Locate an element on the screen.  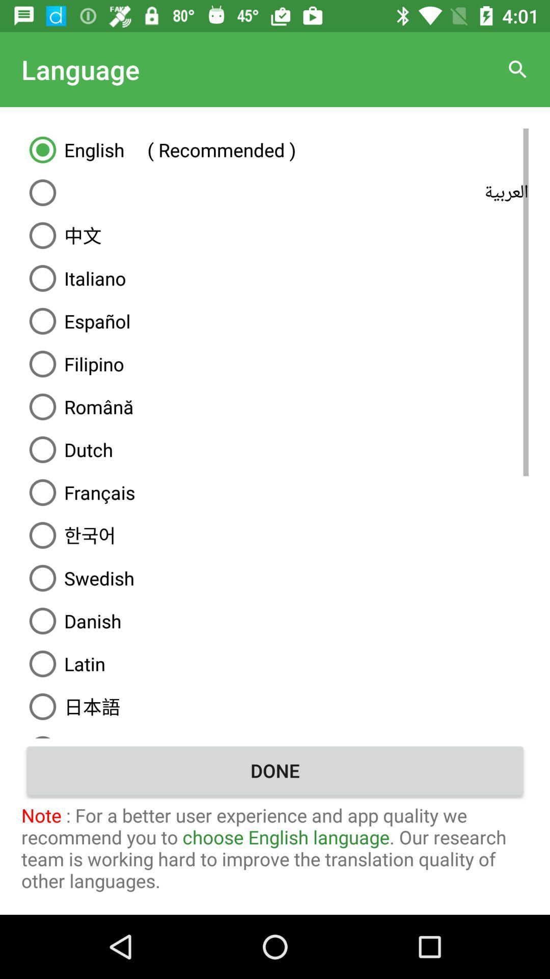
italiano icon is located at coordinates (275, 278).